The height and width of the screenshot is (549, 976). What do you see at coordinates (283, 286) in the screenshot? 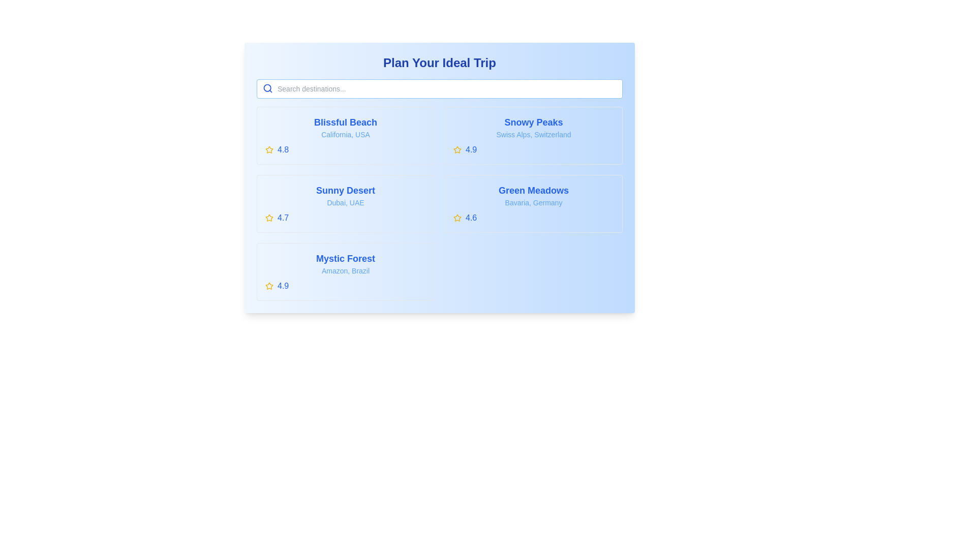
I see `the text label displaying the rating score '4.9', which is styled in blue and positioned to the right of a yellow star icon within the 'Mystic Forest' entry` at bounding box center [283, 286].